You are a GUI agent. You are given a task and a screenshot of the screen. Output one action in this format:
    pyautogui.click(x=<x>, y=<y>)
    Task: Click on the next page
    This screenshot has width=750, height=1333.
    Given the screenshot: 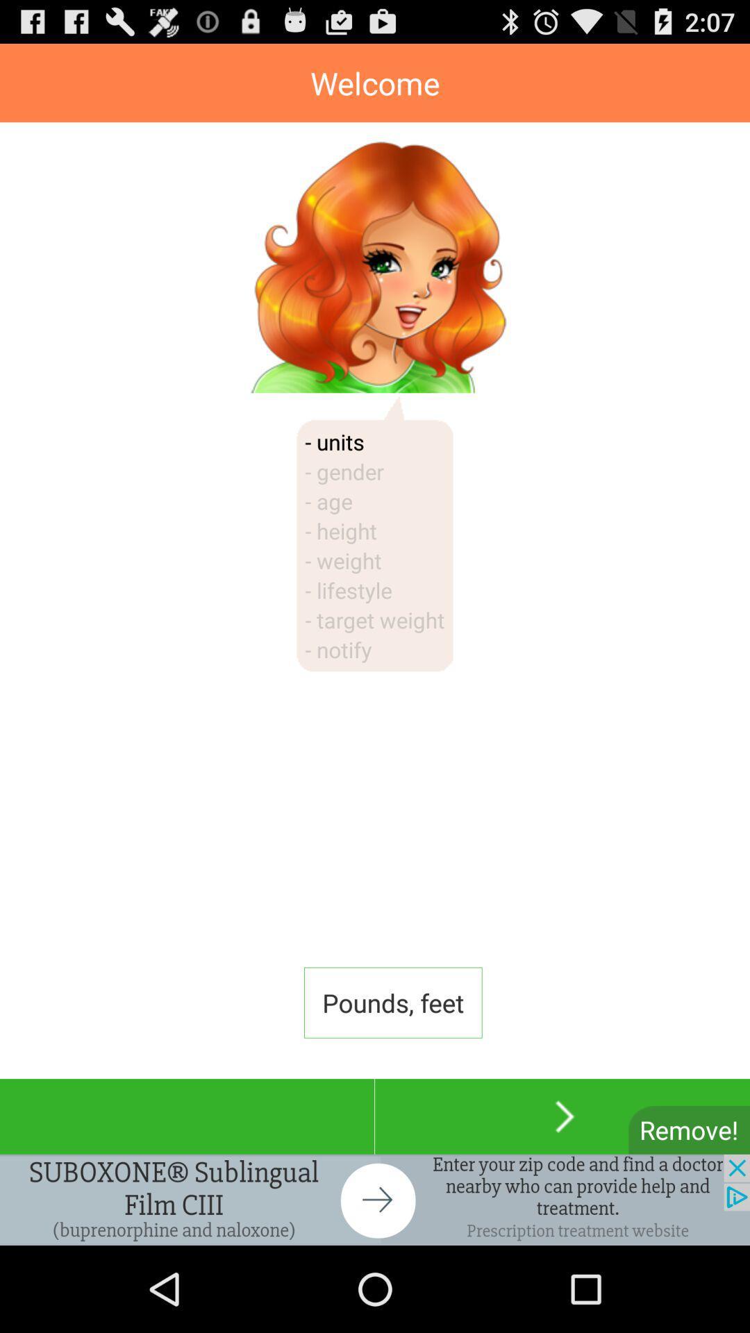 What is the action you would take?
    pyautogui.click(x=562, y=1116)
    